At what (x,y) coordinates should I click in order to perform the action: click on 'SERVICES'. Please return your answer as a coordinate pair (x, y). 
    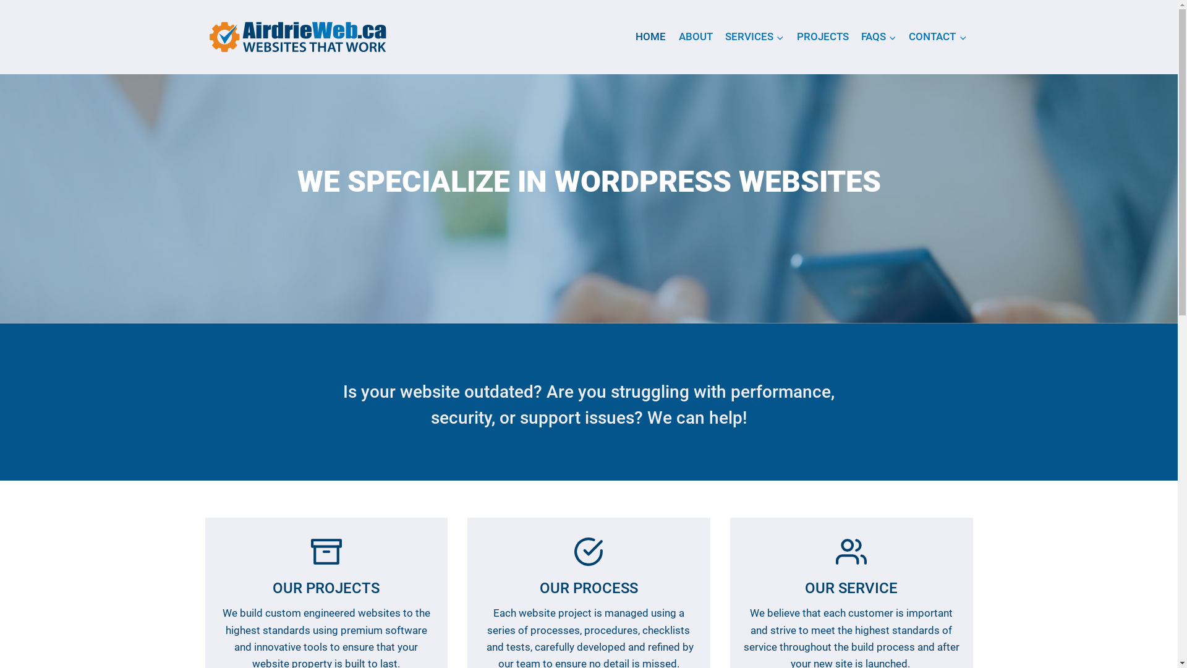
    Looking at the image, I should click on (718, 36).